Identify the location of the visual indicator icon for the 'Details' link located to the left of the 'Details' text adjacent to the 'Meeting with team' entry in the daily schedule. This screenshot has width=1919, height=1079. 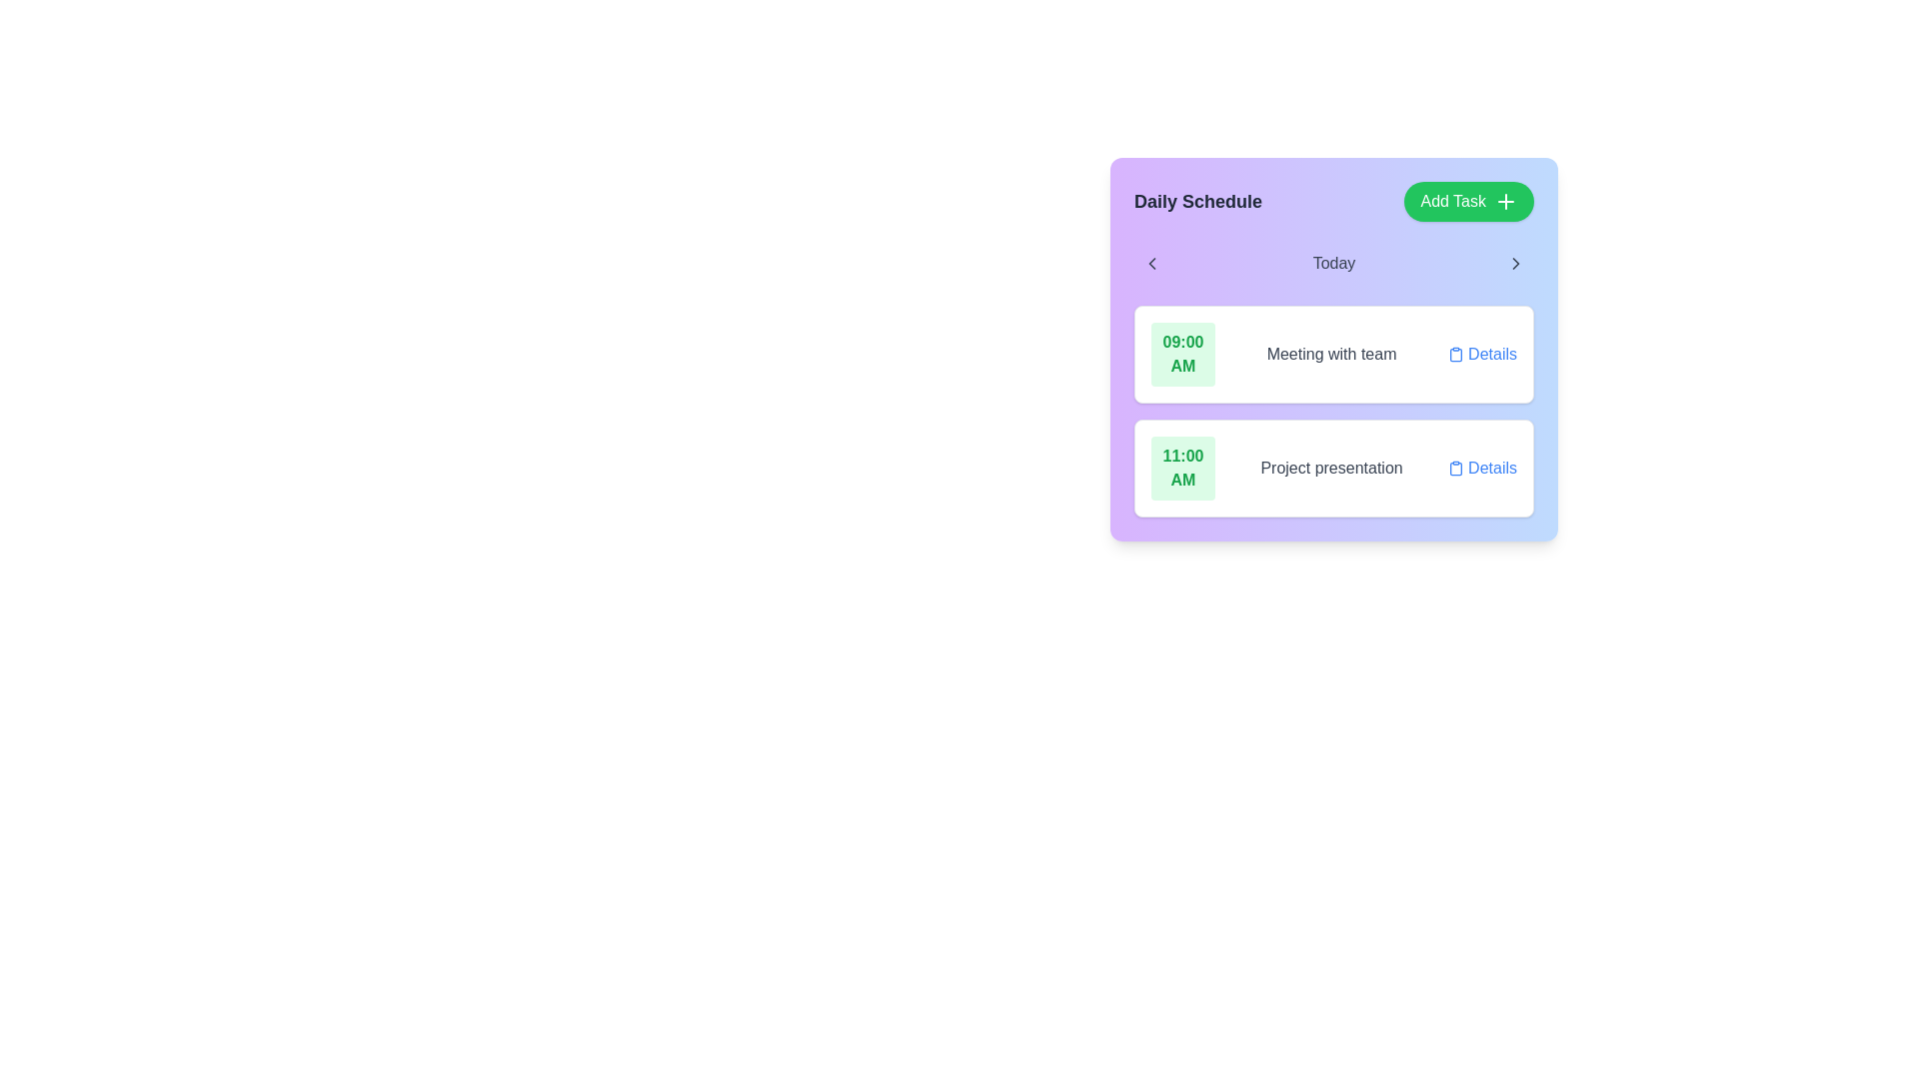
(1456, 353).